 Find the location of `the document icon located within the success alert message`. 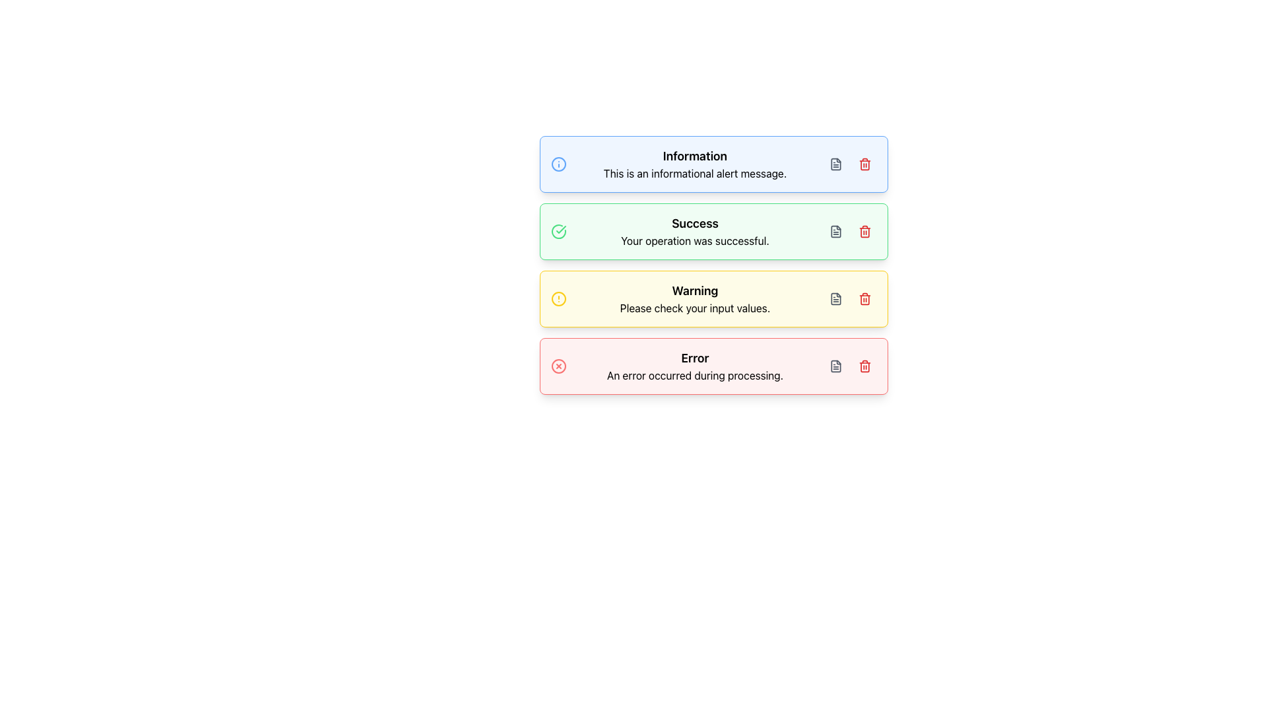

the document icon located within the success alert message is located at coordinates (835, 231).